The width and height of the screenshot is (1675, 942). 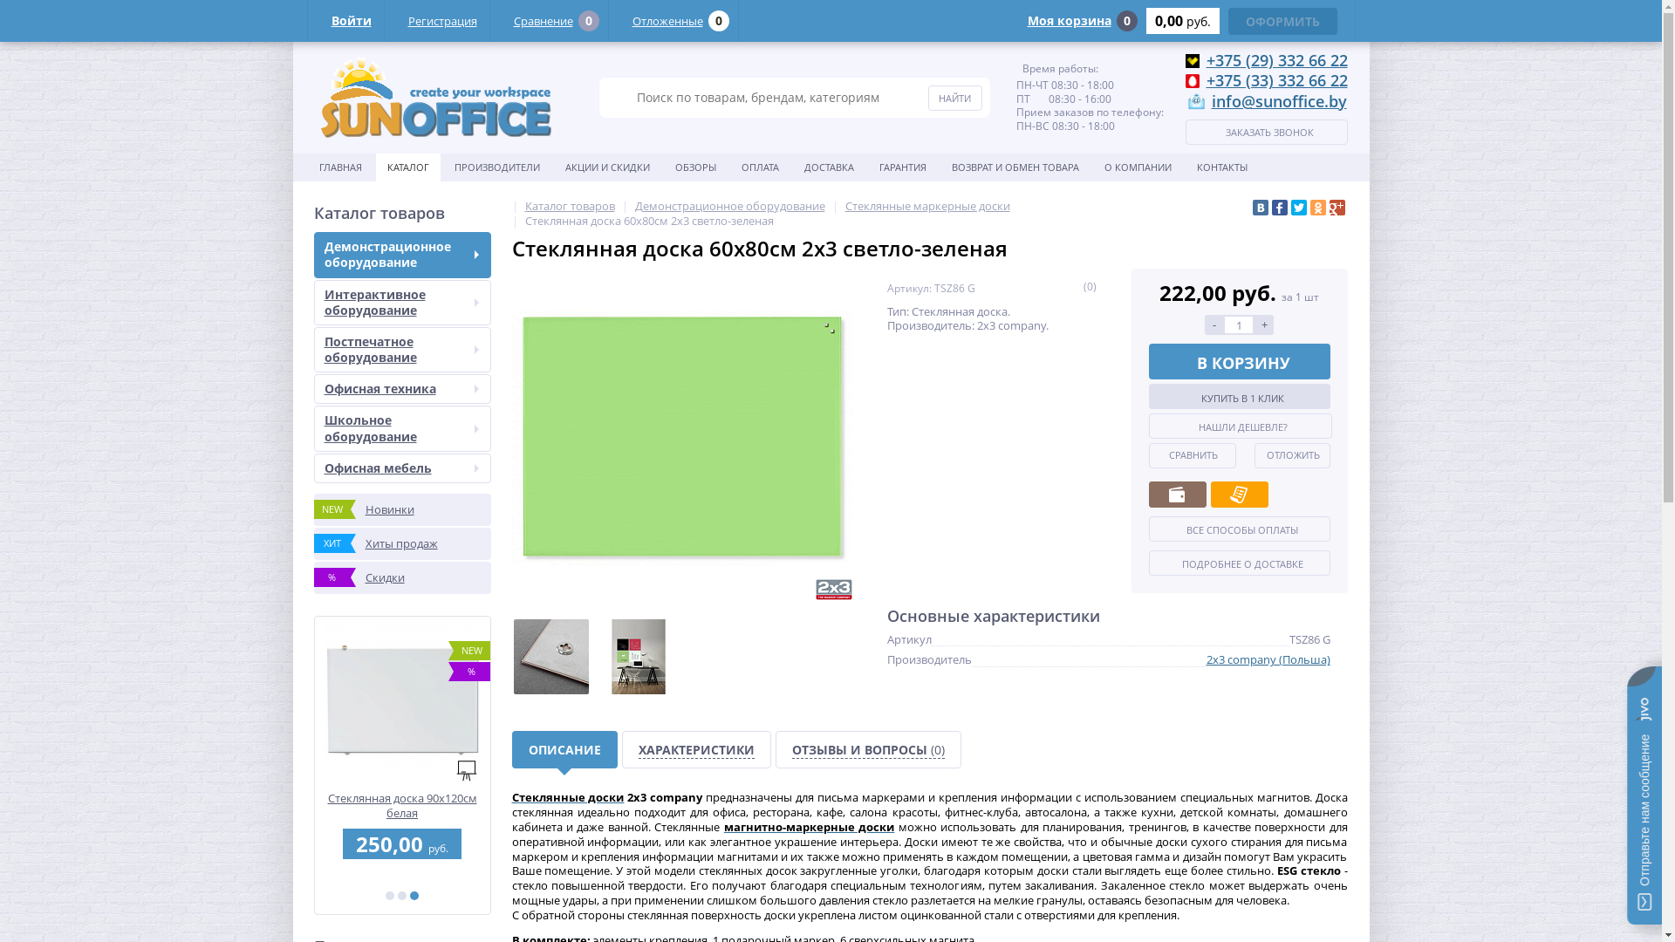 What do you see at coordinates (1276, 80) in the screenshot?
I see `'+375 (33) 332 66 22'` at bounding box center [1276, 80].